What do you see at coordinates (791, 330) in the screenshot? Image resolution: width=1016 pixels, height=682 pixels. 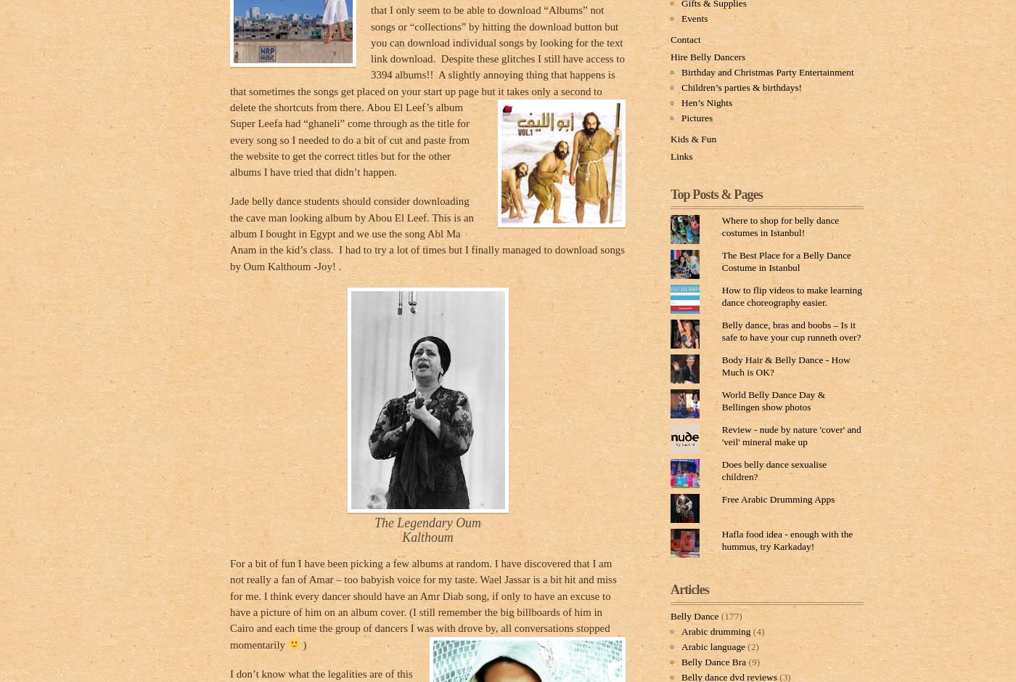 I see `'Belly dance, bras and boobs – Is it safe to have your cup runneth over?'` at bounding box center [791, 330].